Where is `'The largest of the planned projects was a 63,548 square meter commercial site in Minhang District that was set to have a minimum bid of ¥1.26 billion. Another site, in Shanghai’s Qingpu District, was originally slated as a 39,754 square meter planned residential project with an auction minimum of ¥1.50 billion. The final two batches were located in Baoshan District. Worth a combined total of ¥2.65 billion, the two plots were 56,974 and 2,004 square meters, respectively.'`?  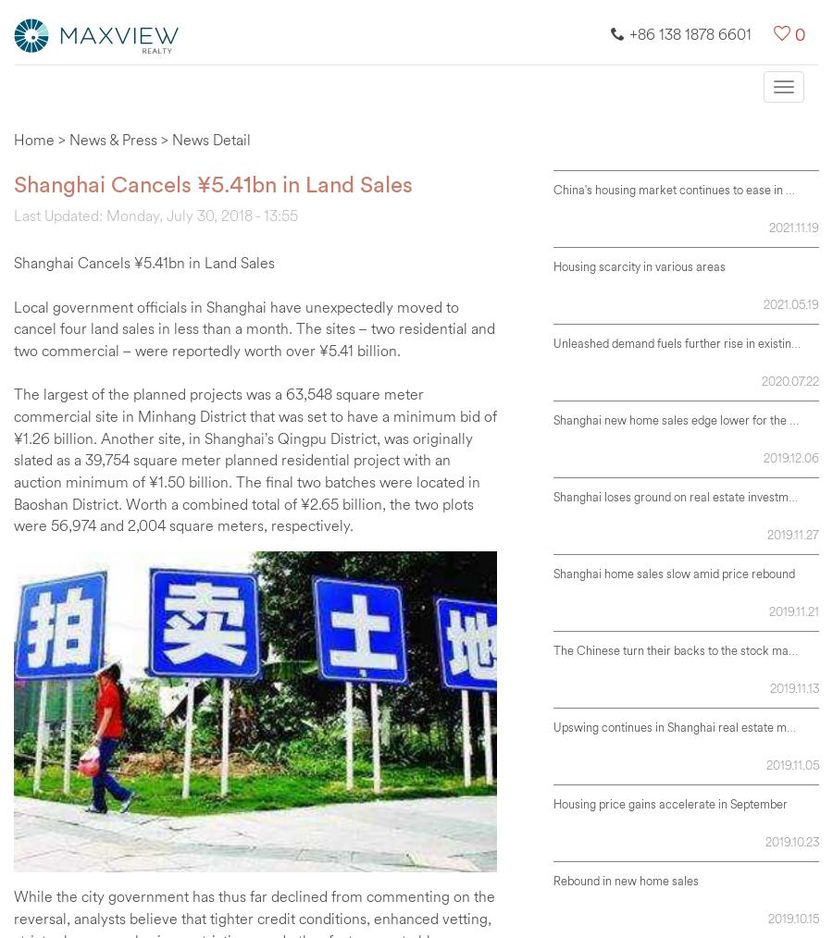
'The largest of the planned projects was a 63,548 square meter commercial site in Minhang District that was set to have a minimum bid of ¥1.26 billion. Another site, in Shanghai’s Qingpu District, was originally slated as a 39,754 square meter planned residential project with an auction minimum of ¥1.50 billion. The final two batches were located in Baoshan District. Worth a combined total of ¥2.65 billion, the two plots were 56,974 and 2,004 square meters, respectively.' is located at coordinates (13, 459).